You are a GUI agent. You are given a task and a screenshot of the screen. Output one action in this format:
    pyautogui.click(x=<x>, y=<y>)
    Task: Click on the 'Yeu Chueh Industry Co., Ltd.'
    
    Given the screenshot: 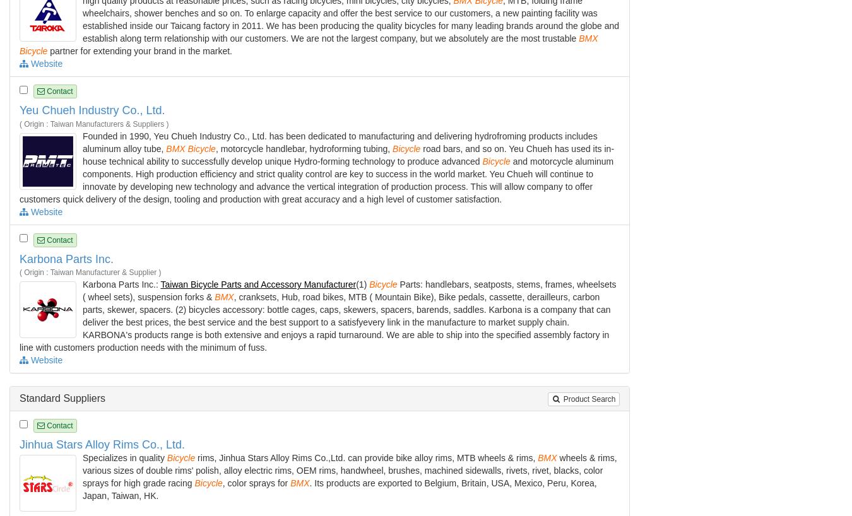 What is the action you would take?
    pyautogui.click(x=92, y=109)
    